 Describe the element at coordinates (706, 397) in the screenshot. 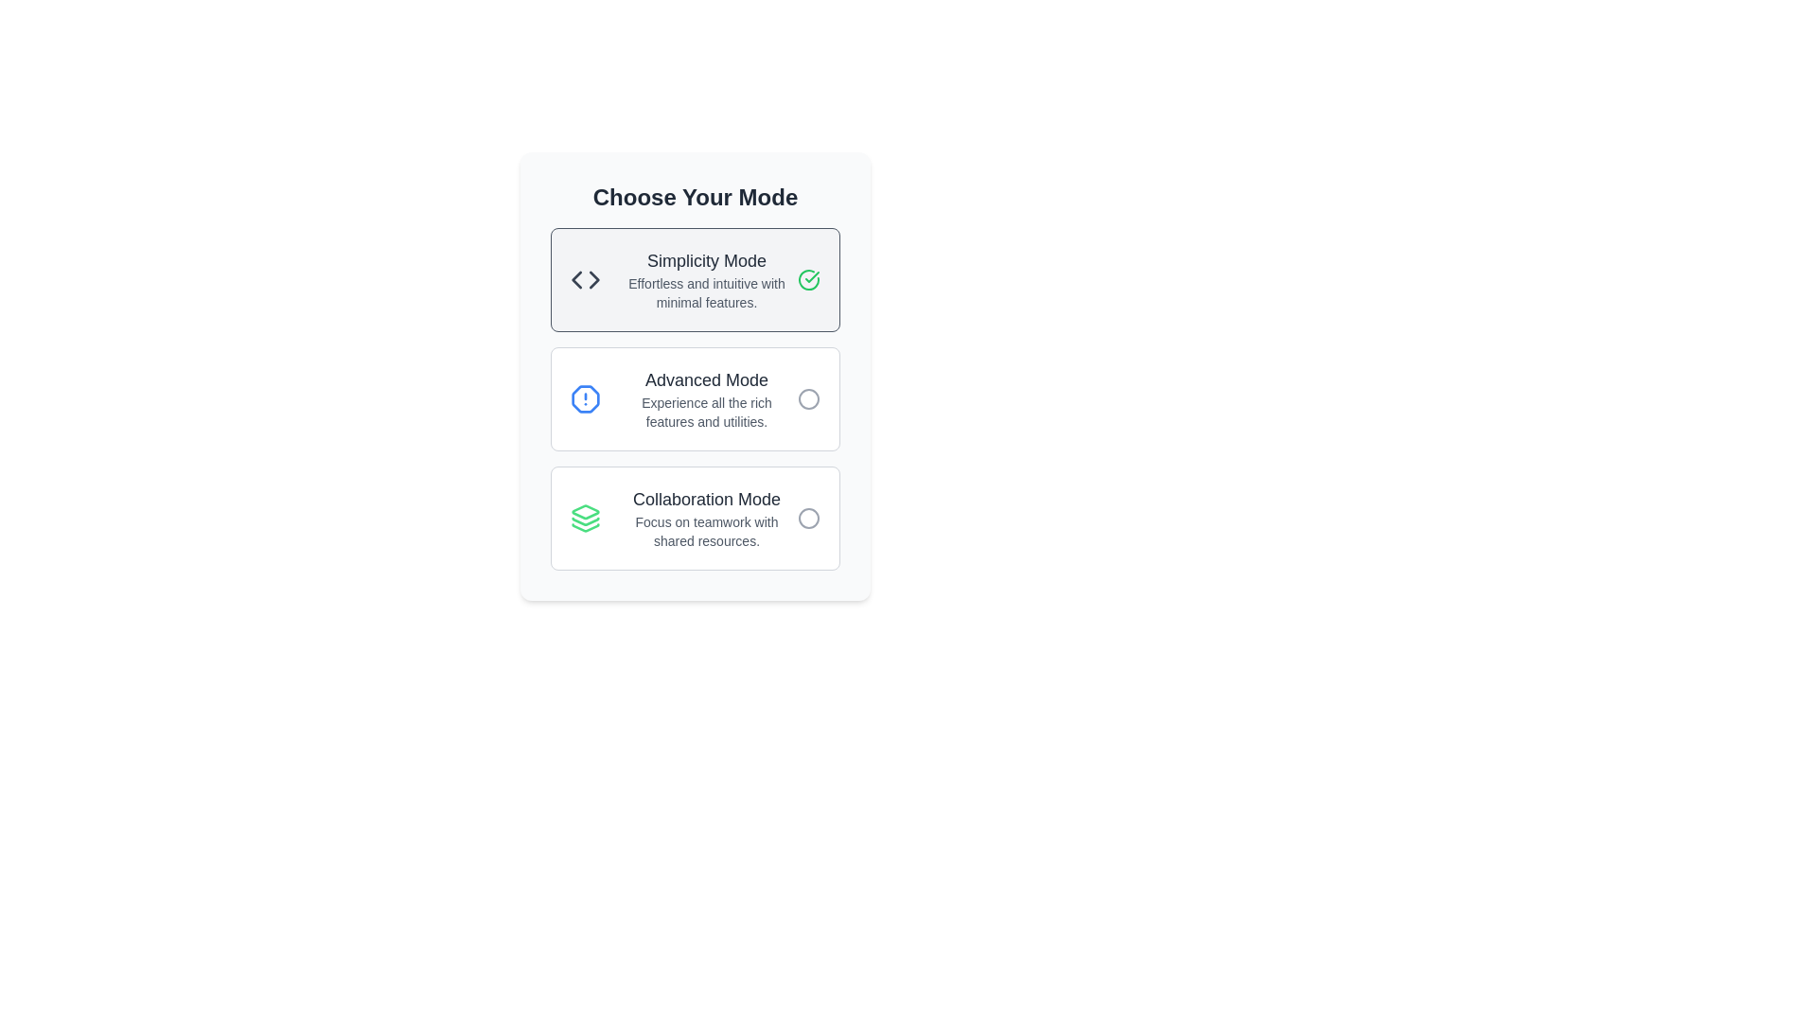

I see `the 'Advanced Mode' text display option, which is the second card in the vertical list within the 'Choose Your Mode' modal` at that location.